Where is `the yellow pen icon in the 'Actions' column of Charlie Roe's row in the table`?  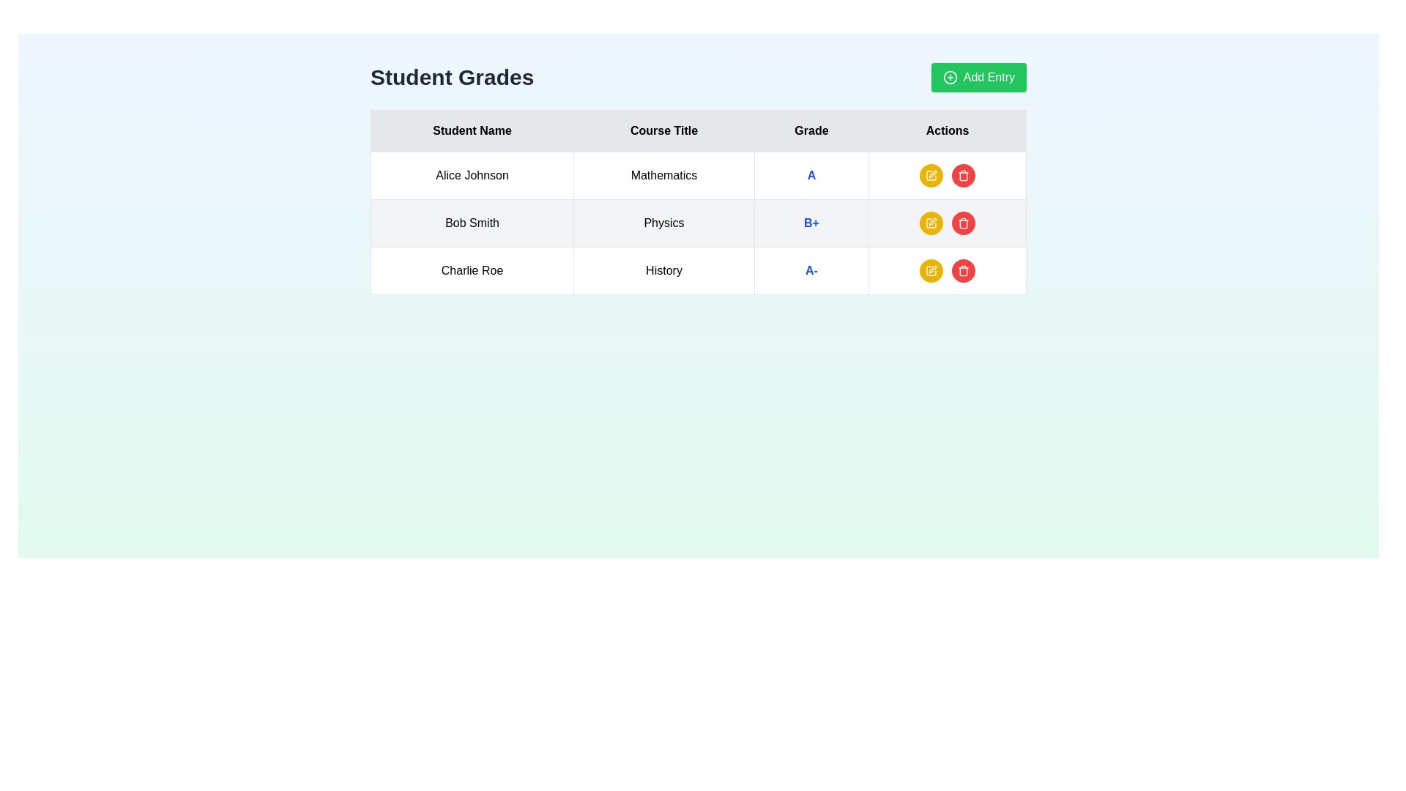
the yellow pen icon in the 'Actions' column of Charlie Roe's row in the table is located at coordinates (932, 269).